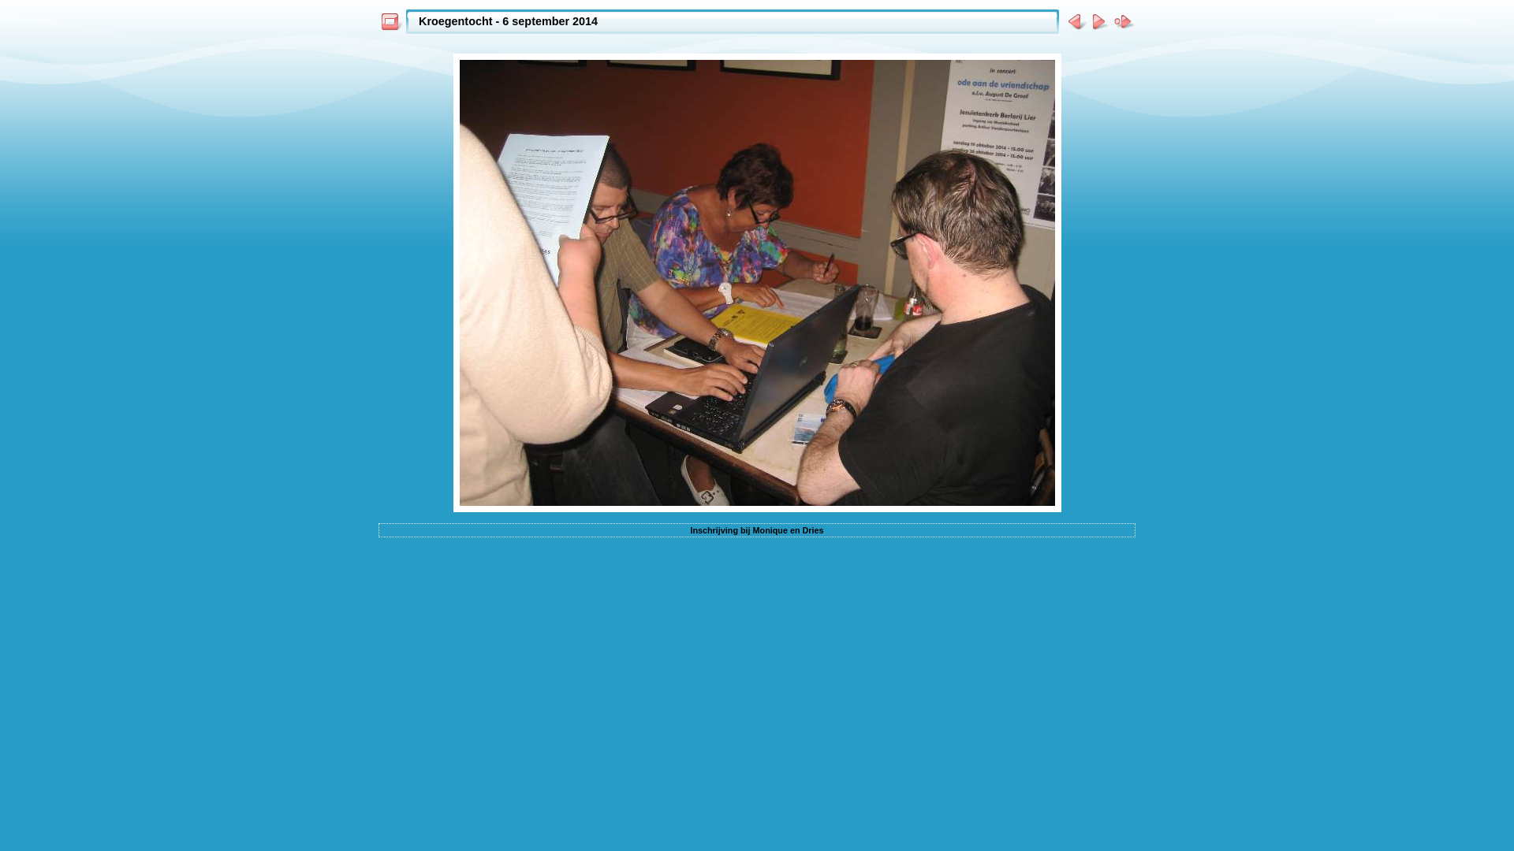  What do you see at coordinates (390, 21) in the screenshot?
I see `' Inhoudspagina '` at bounding box center [390, 21].